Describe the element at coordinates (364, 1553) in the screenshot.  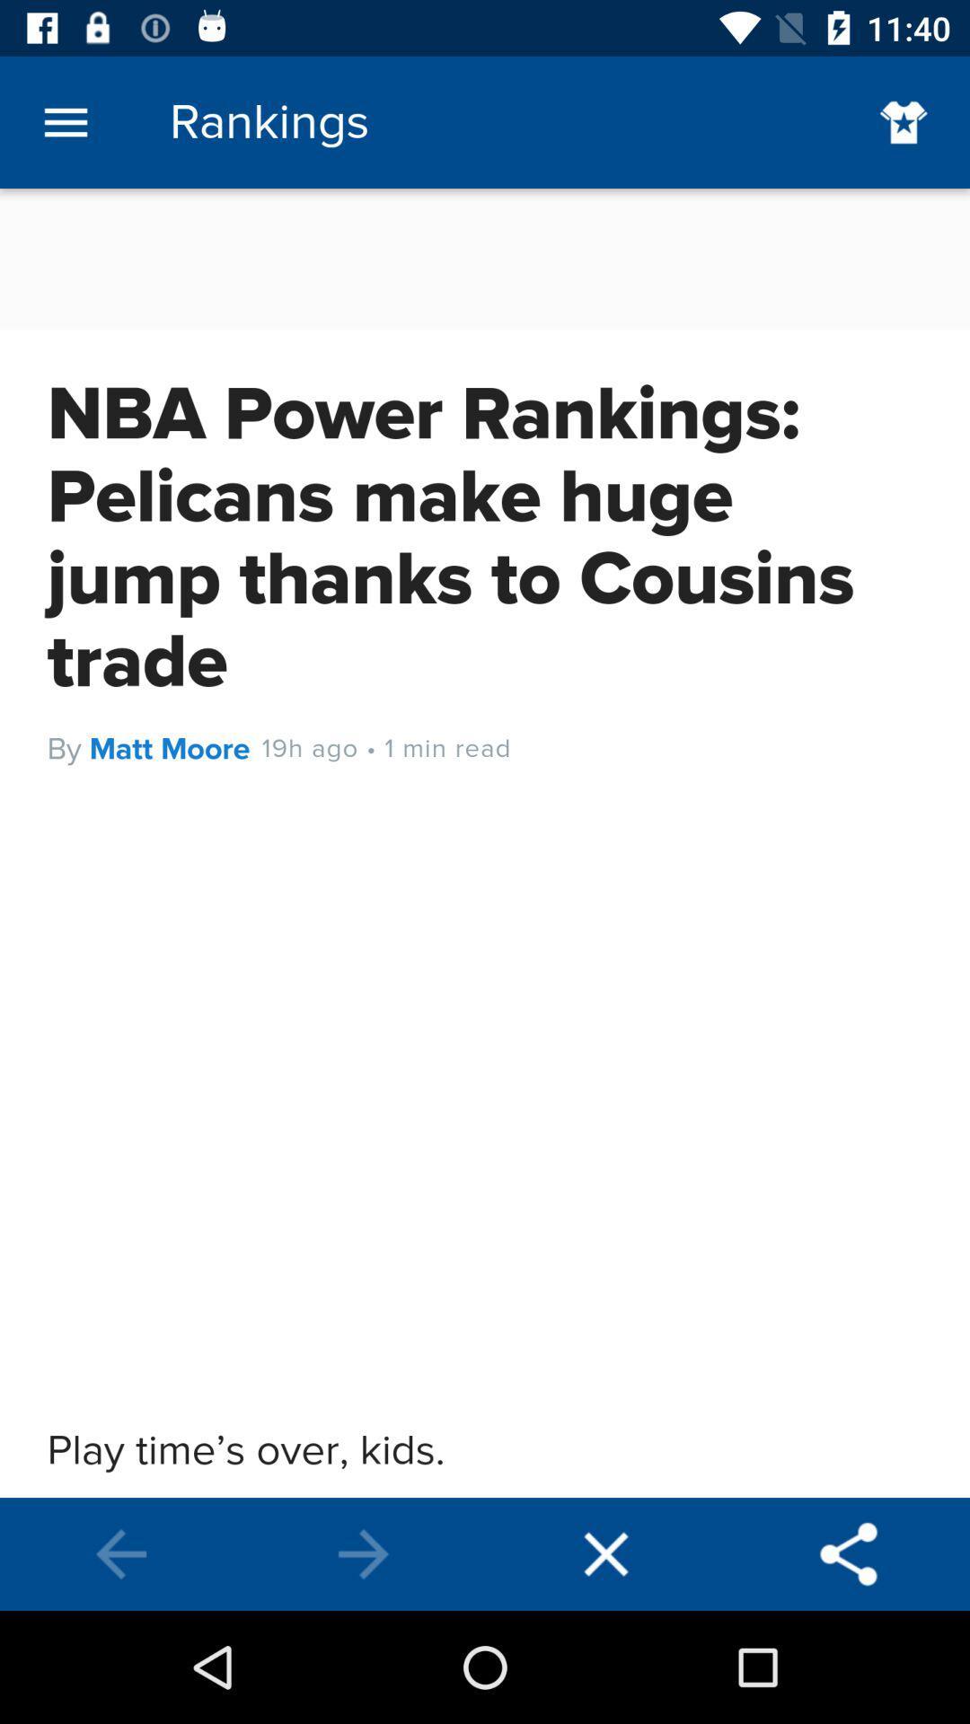
I see `next` at that location.